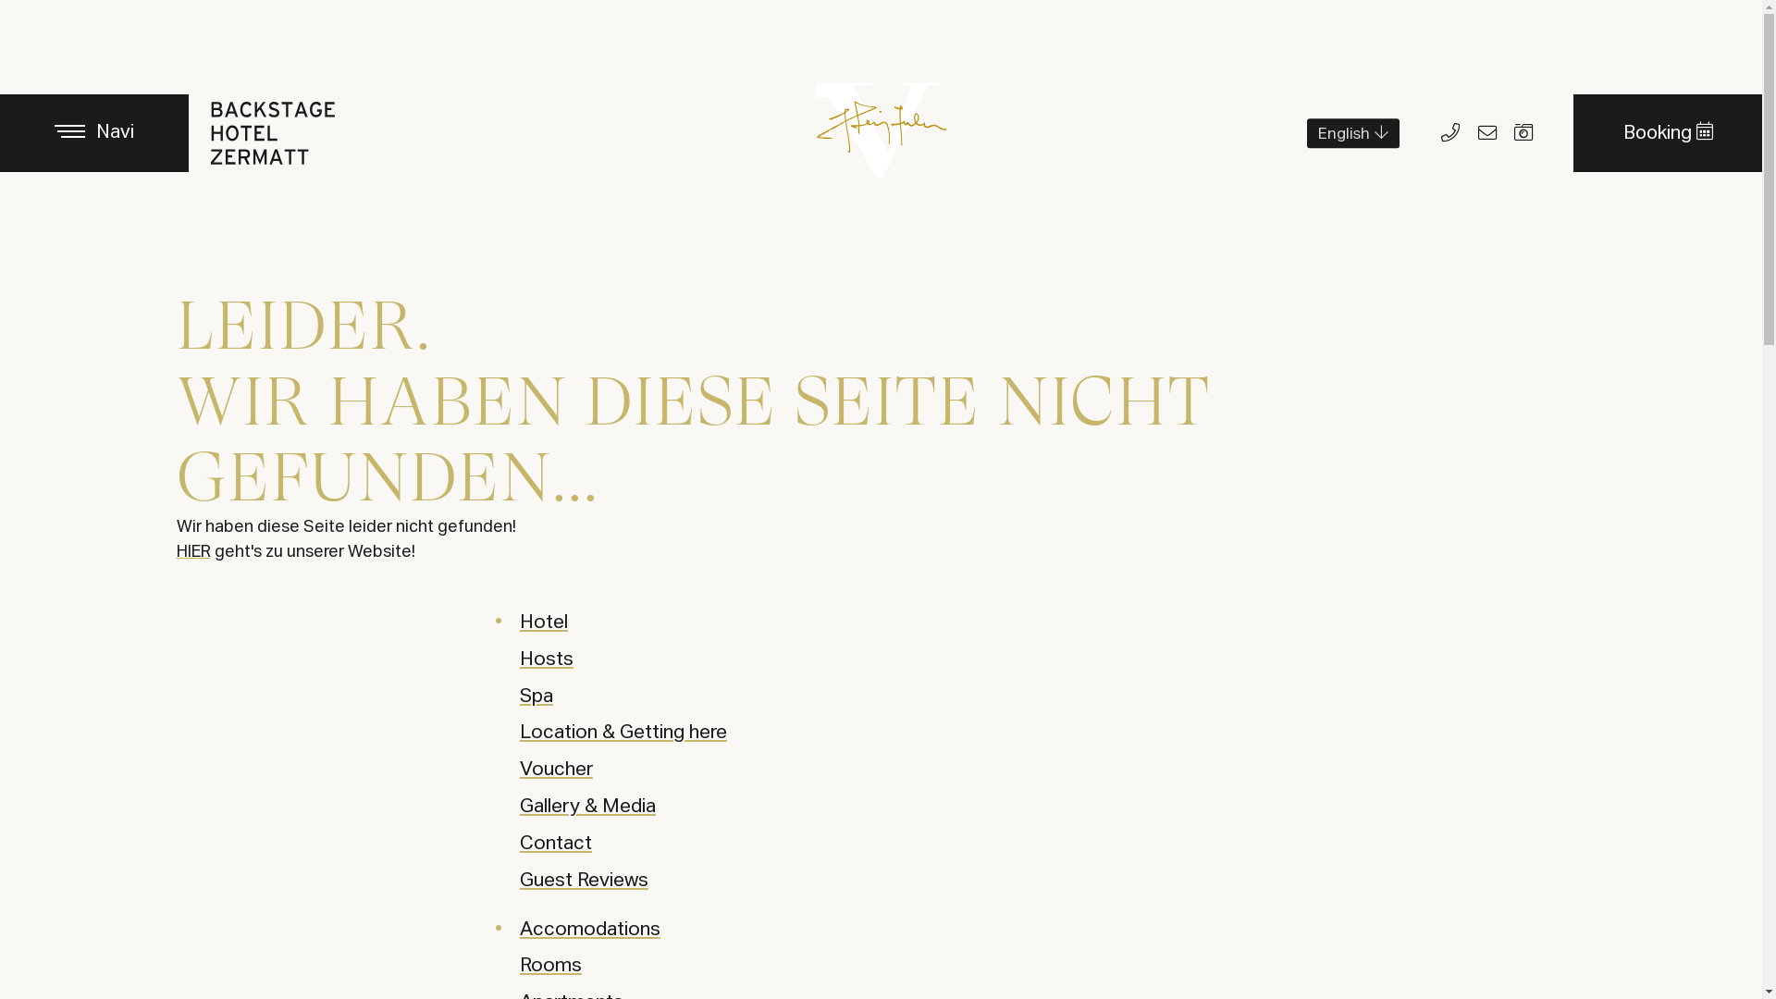 The width and height of the screenshot is (1776, 999). I want to click on 'HIER', so click(176, 551).